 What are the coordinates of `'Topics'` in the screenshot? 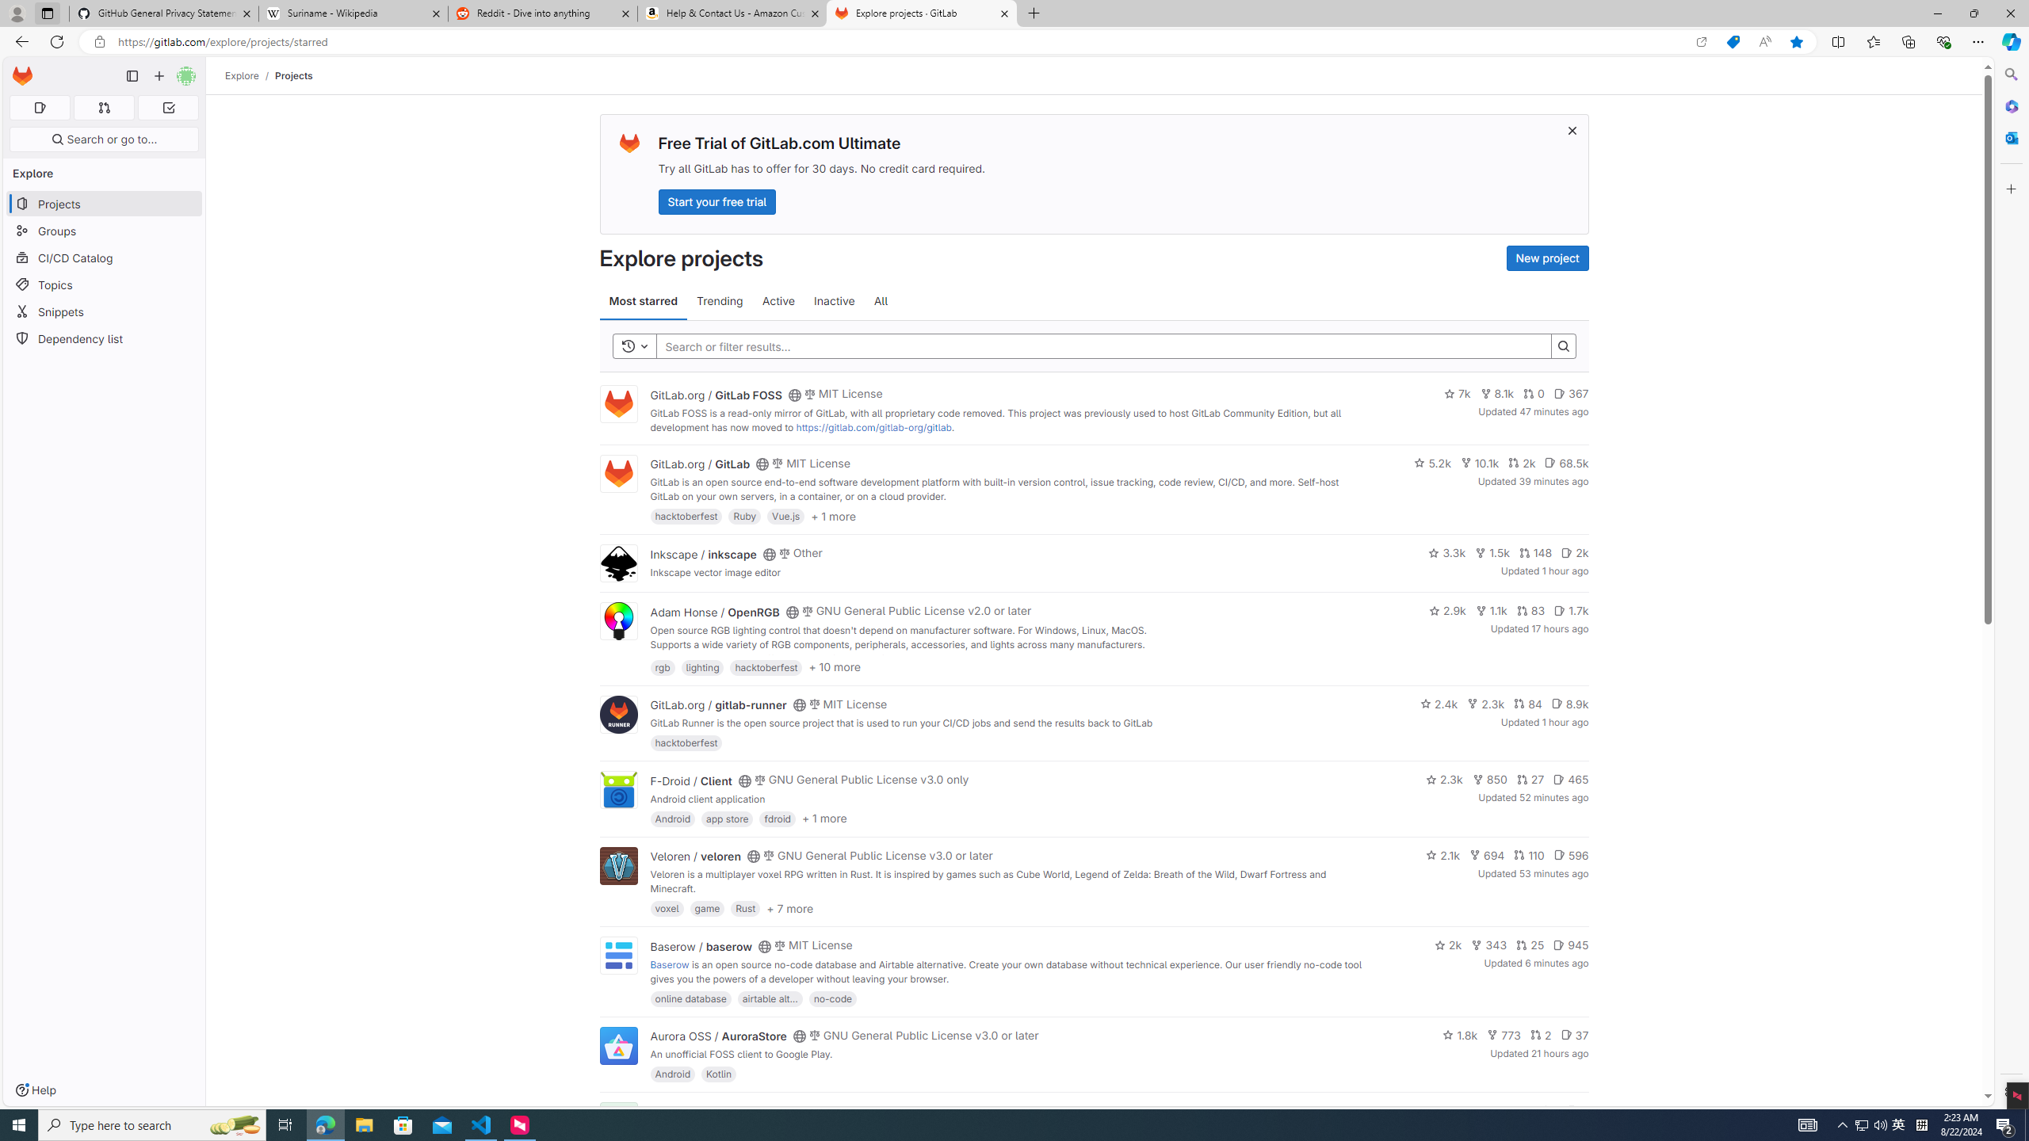 It's located at (103, 284).